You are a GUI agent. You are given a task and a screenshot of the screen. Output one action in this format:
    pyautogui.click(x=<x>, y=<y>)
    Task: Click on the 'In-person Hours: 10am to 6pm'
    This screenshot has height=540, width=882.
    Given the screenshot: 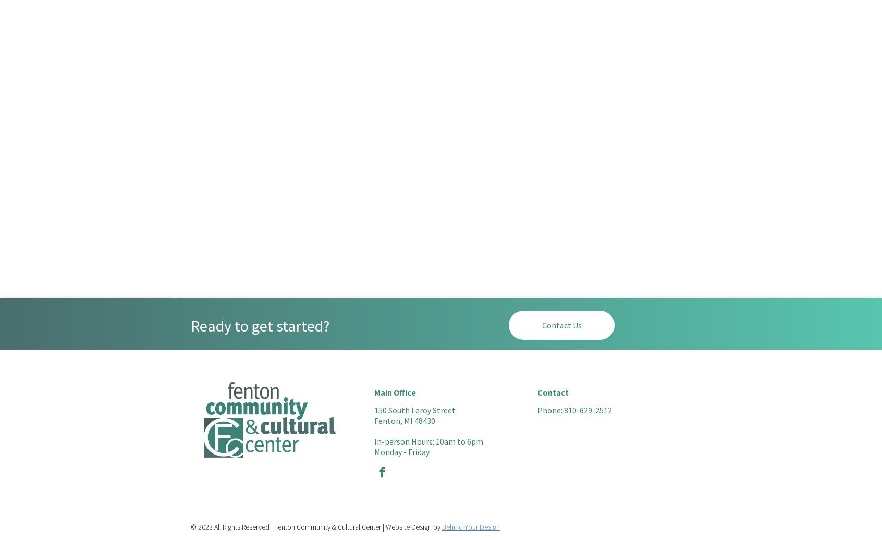 What is the action you would take?
    pyautogui.click(x=428, y=441)
    